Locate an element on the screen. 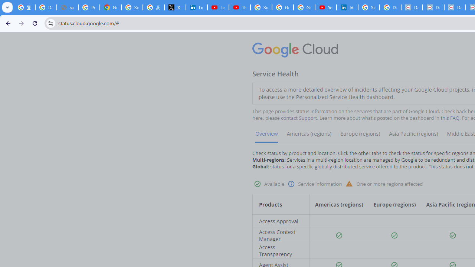 This screenshot has height=267, width=475. 'Identity verification via Persona | LinkedIn Help' is located at coordinates (347, 7).